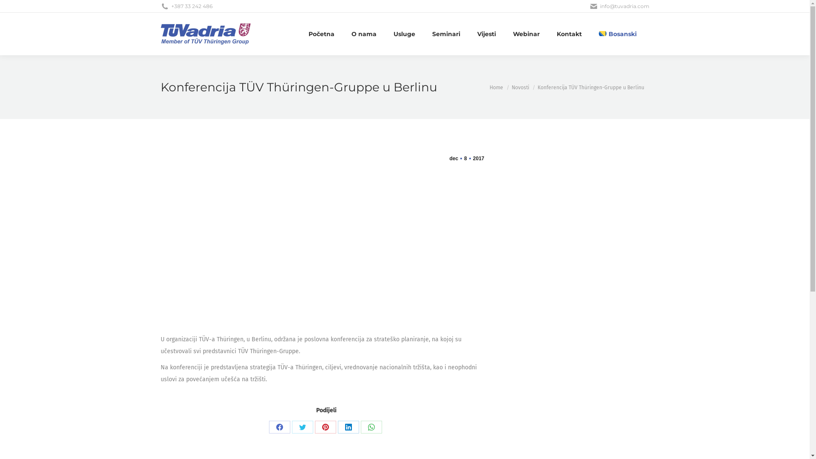 This screenshot has width=816, height=459. I want to click on 'Bosanski', so click(602, 33).